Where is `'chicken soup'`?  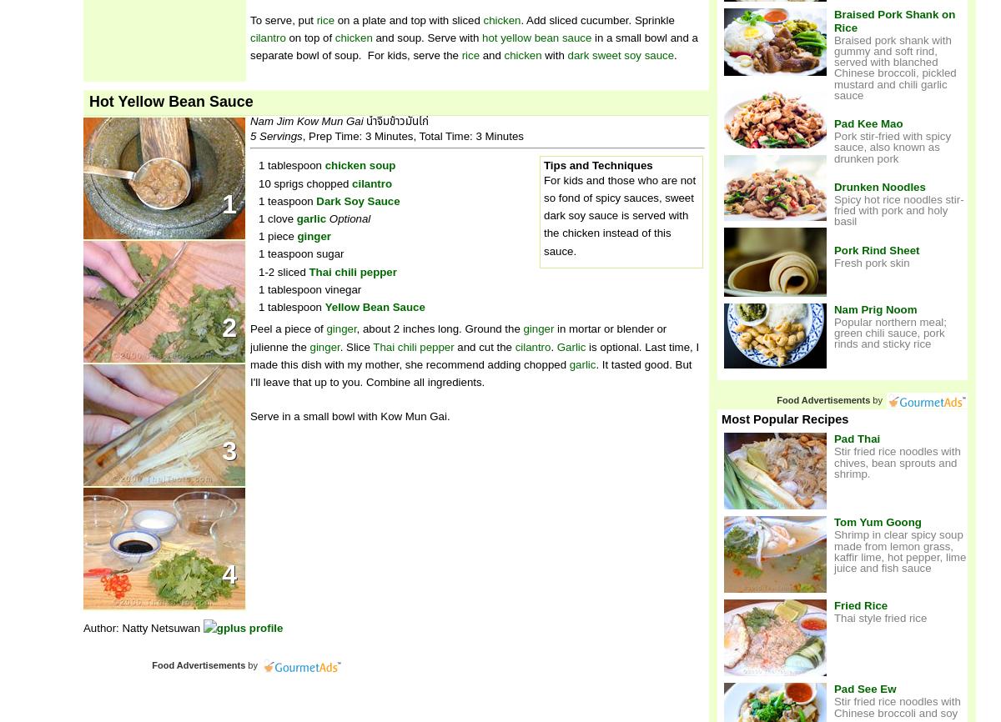 'chicken soup' is located at coordinates (360, 165).